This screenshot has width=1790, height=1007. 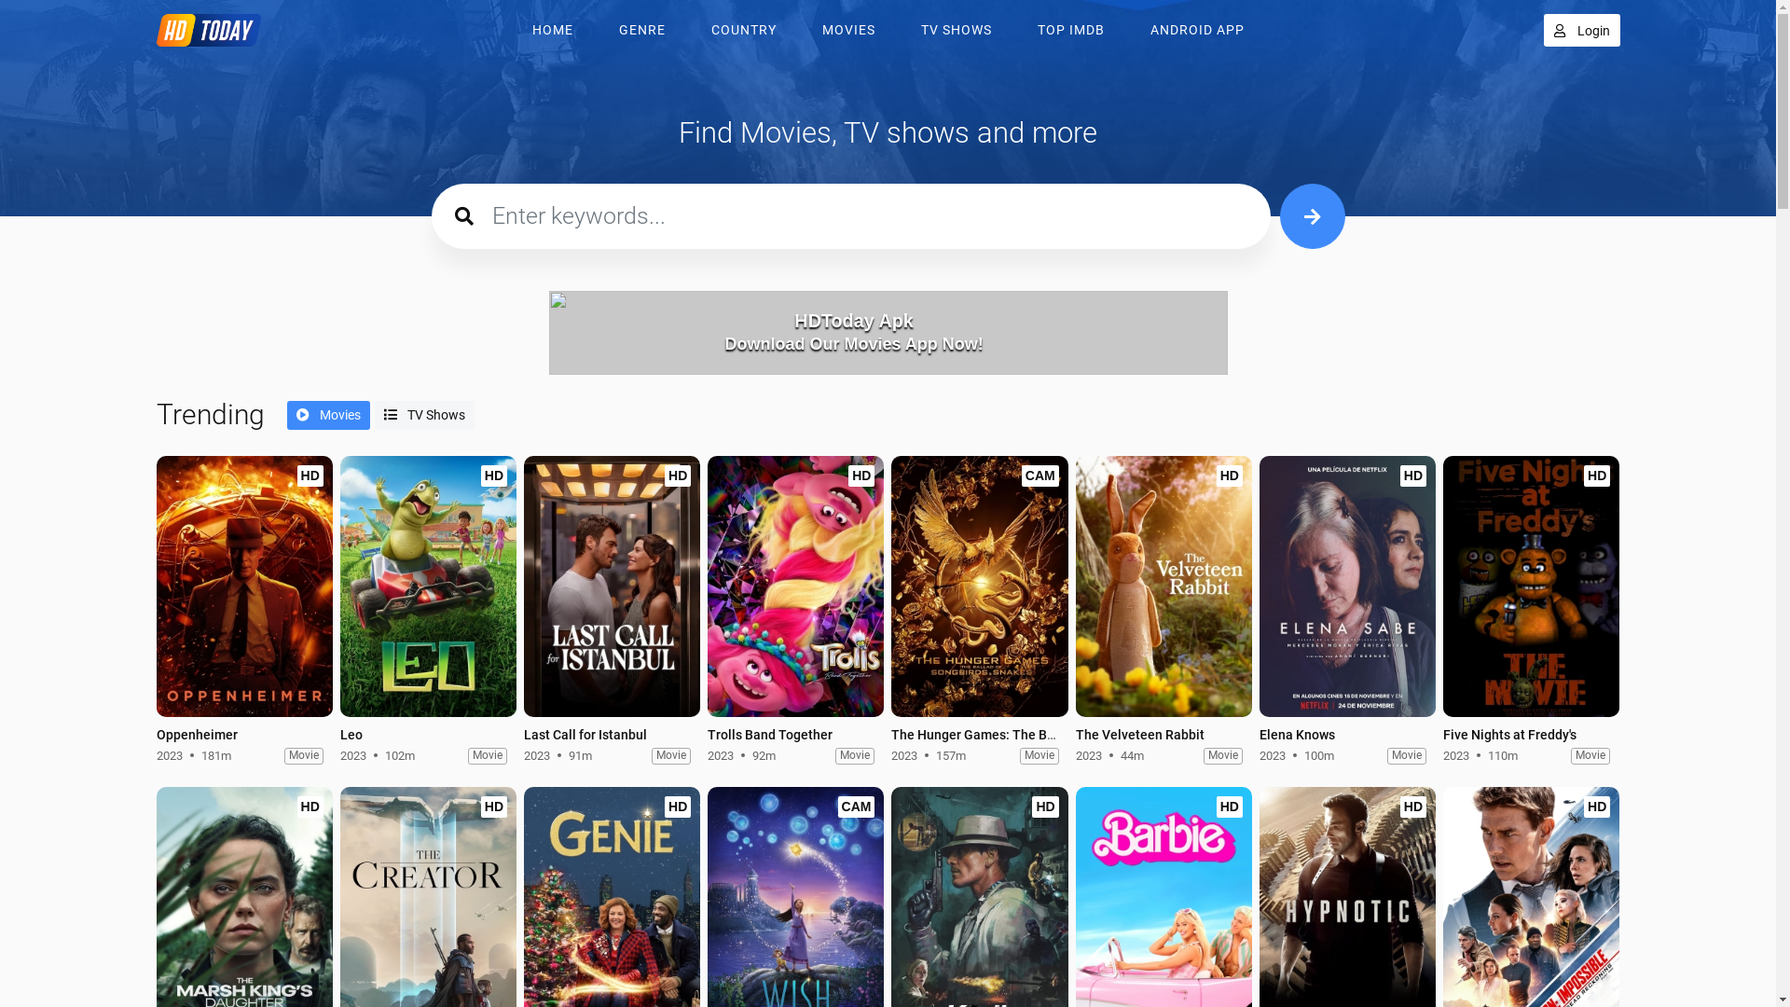 What do you see at coordinates (423, 414) in the screenshot?
I see `'TV Shows'` at bounding box center [423, 414].